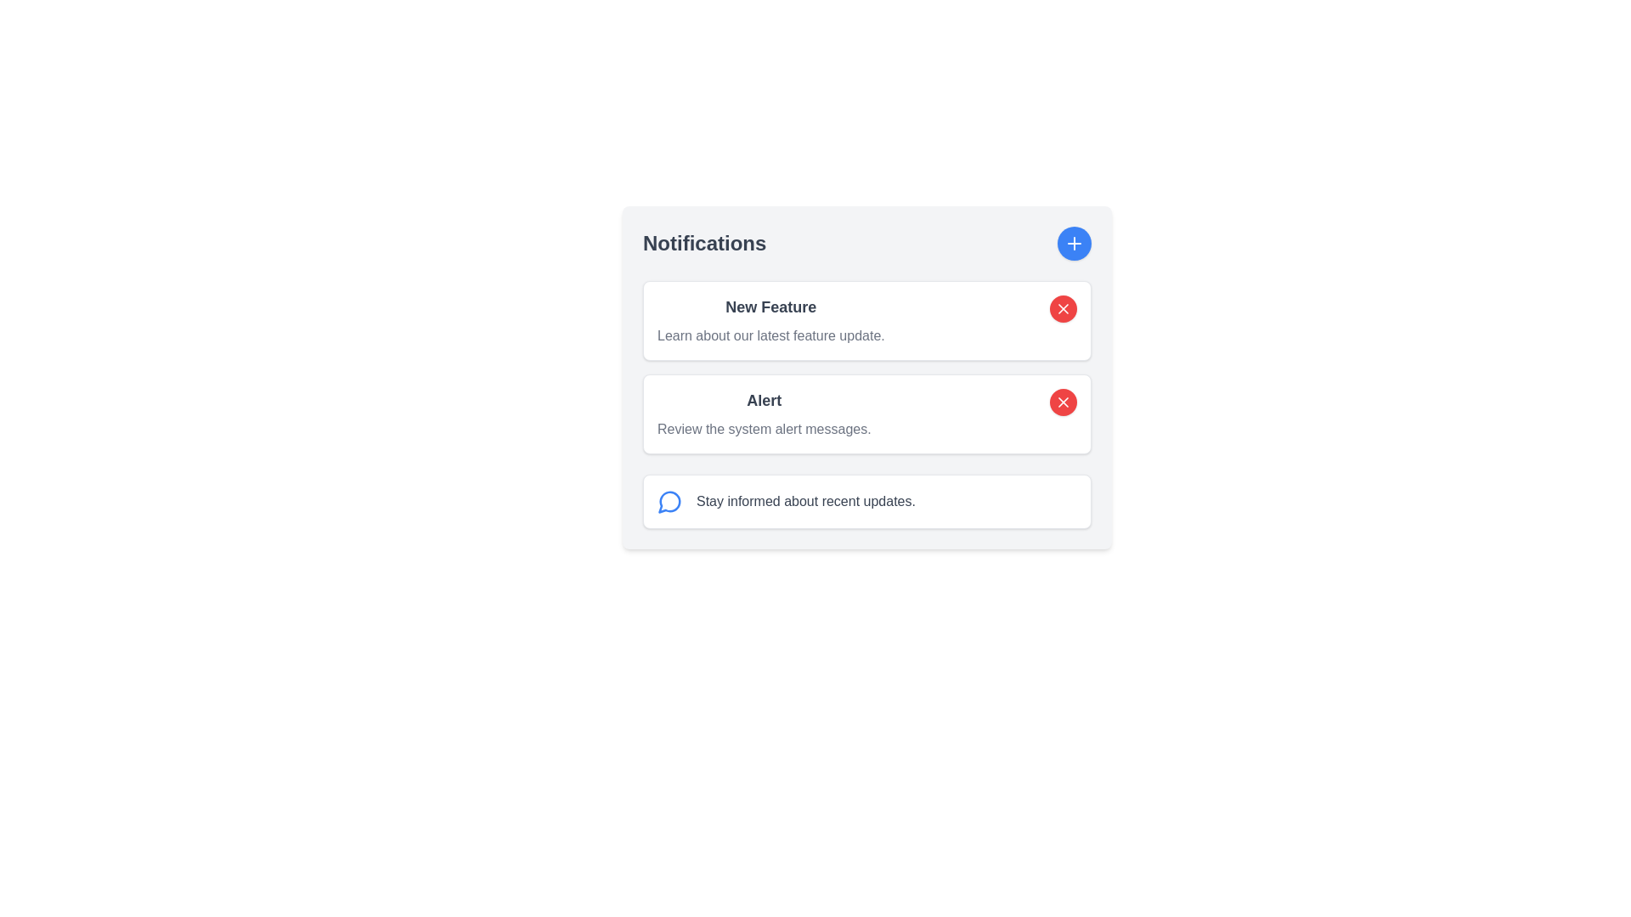  I want to click on the text 'Notifications' in the Composite header, so click(867, 243).